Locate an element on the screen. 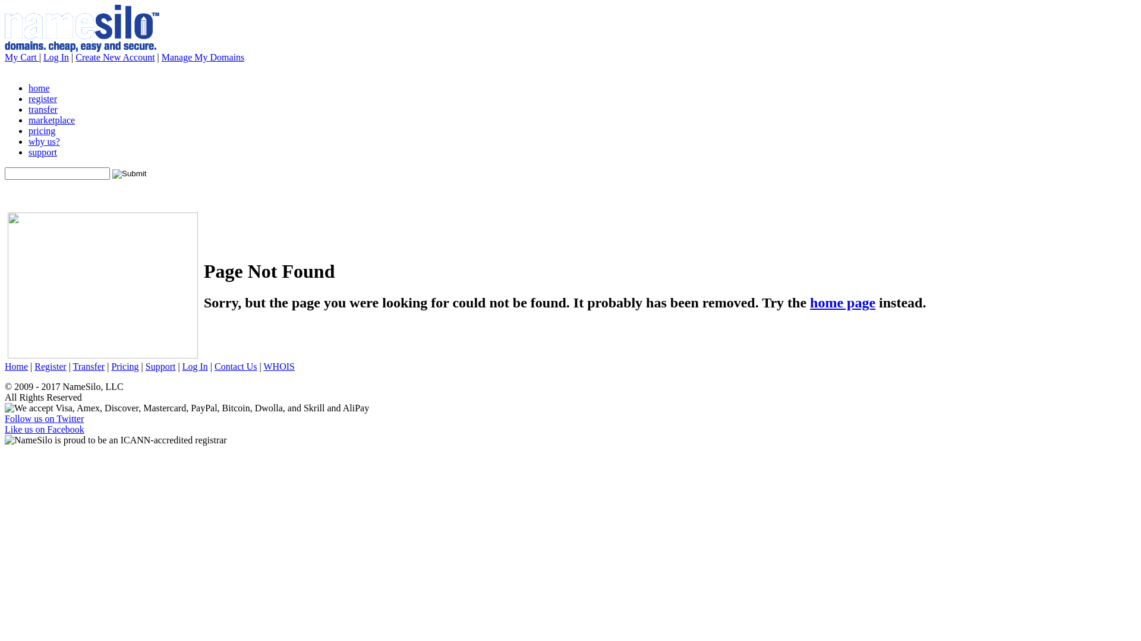  'support' is located at coordinates (43, 151).